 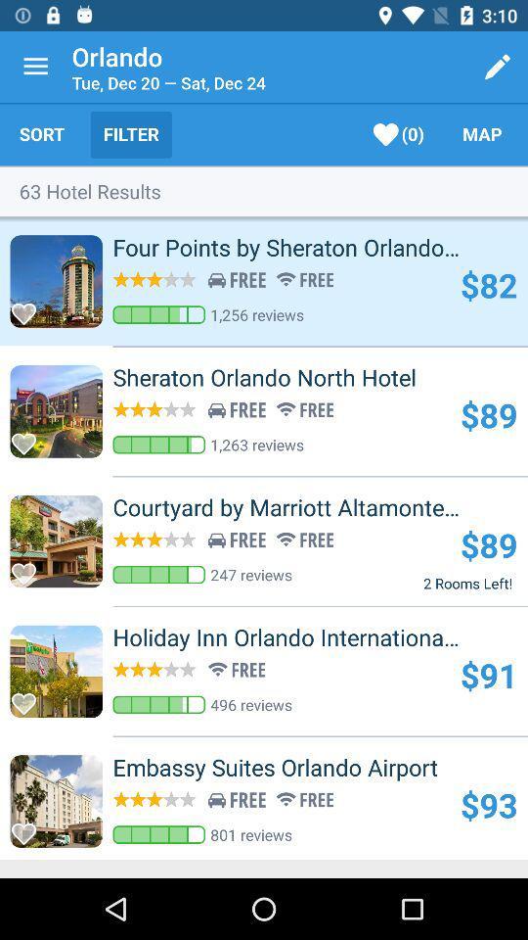 I want to click on icon below embassy suites orlando item, so click(x=488, y=805).